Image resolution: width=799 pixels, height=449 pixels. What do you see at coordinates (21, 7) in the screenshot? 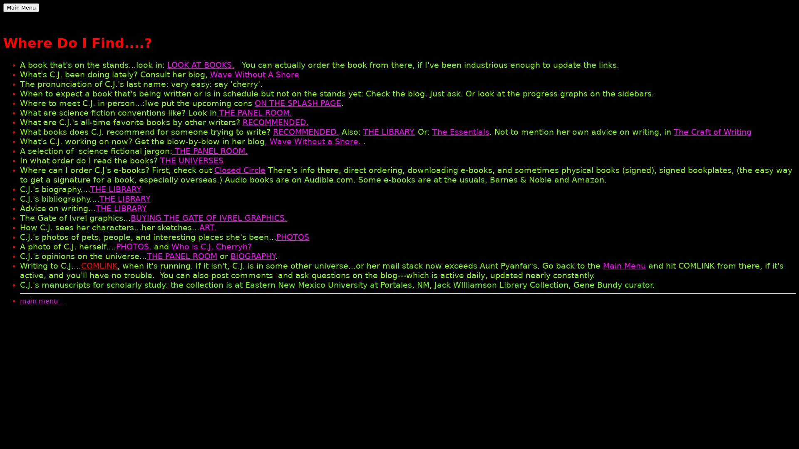
I see `Main Menu` at bounding box center [21, 7].